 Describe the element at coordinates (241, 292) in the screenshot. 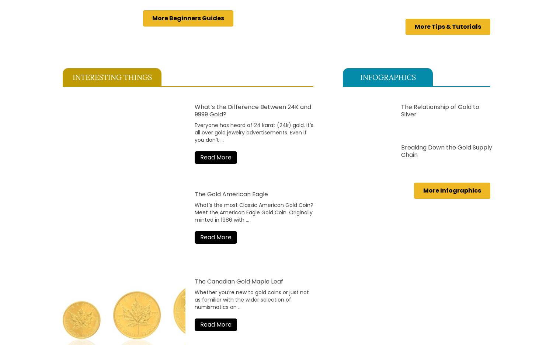

I see `'new'` at that location.